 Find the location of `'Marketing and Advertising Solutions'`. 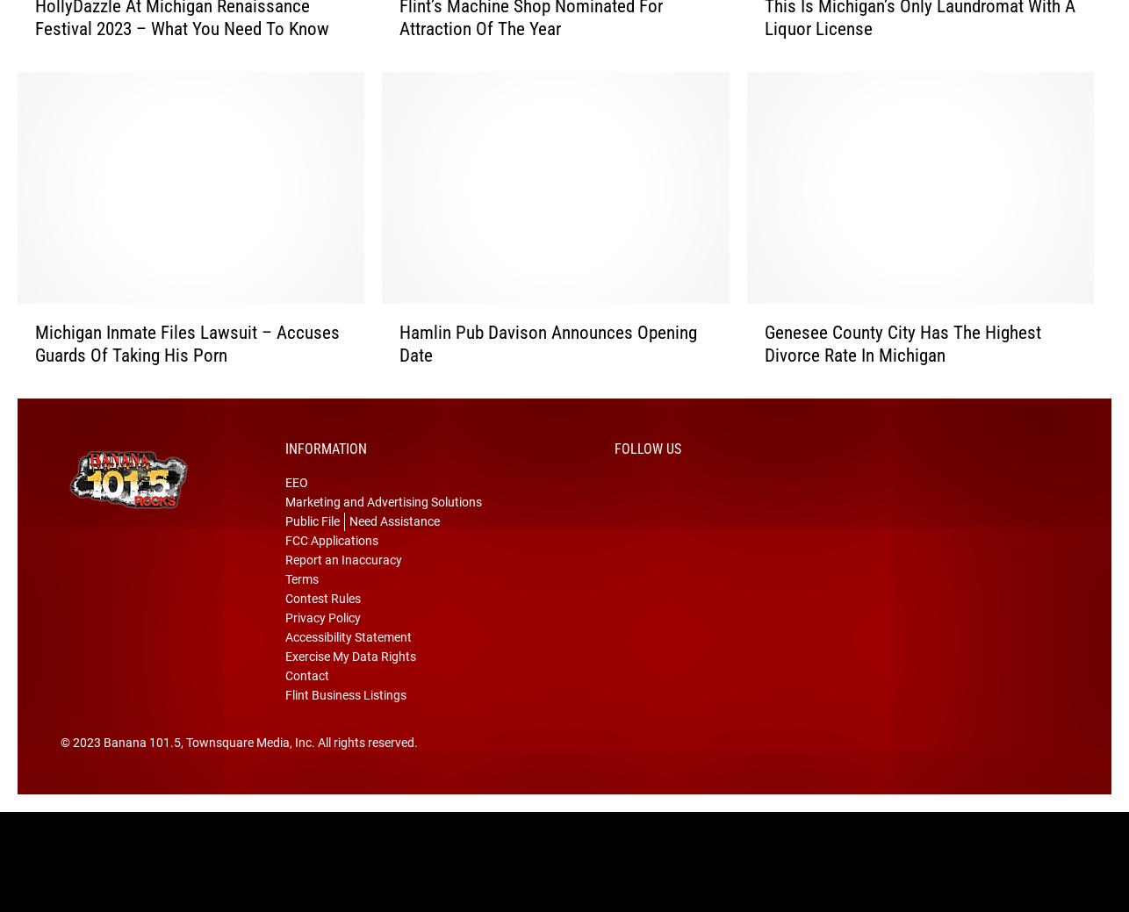

'Marketing and Advertising Solutions' is located at coordinates (382, 525).